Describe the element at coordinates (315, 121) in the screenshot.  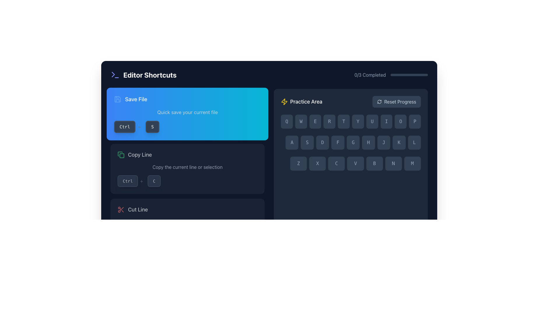
I see `the button that simulates the character 'E' in the QWERTY keyboard layout, specifically the third button from the left` at that location.